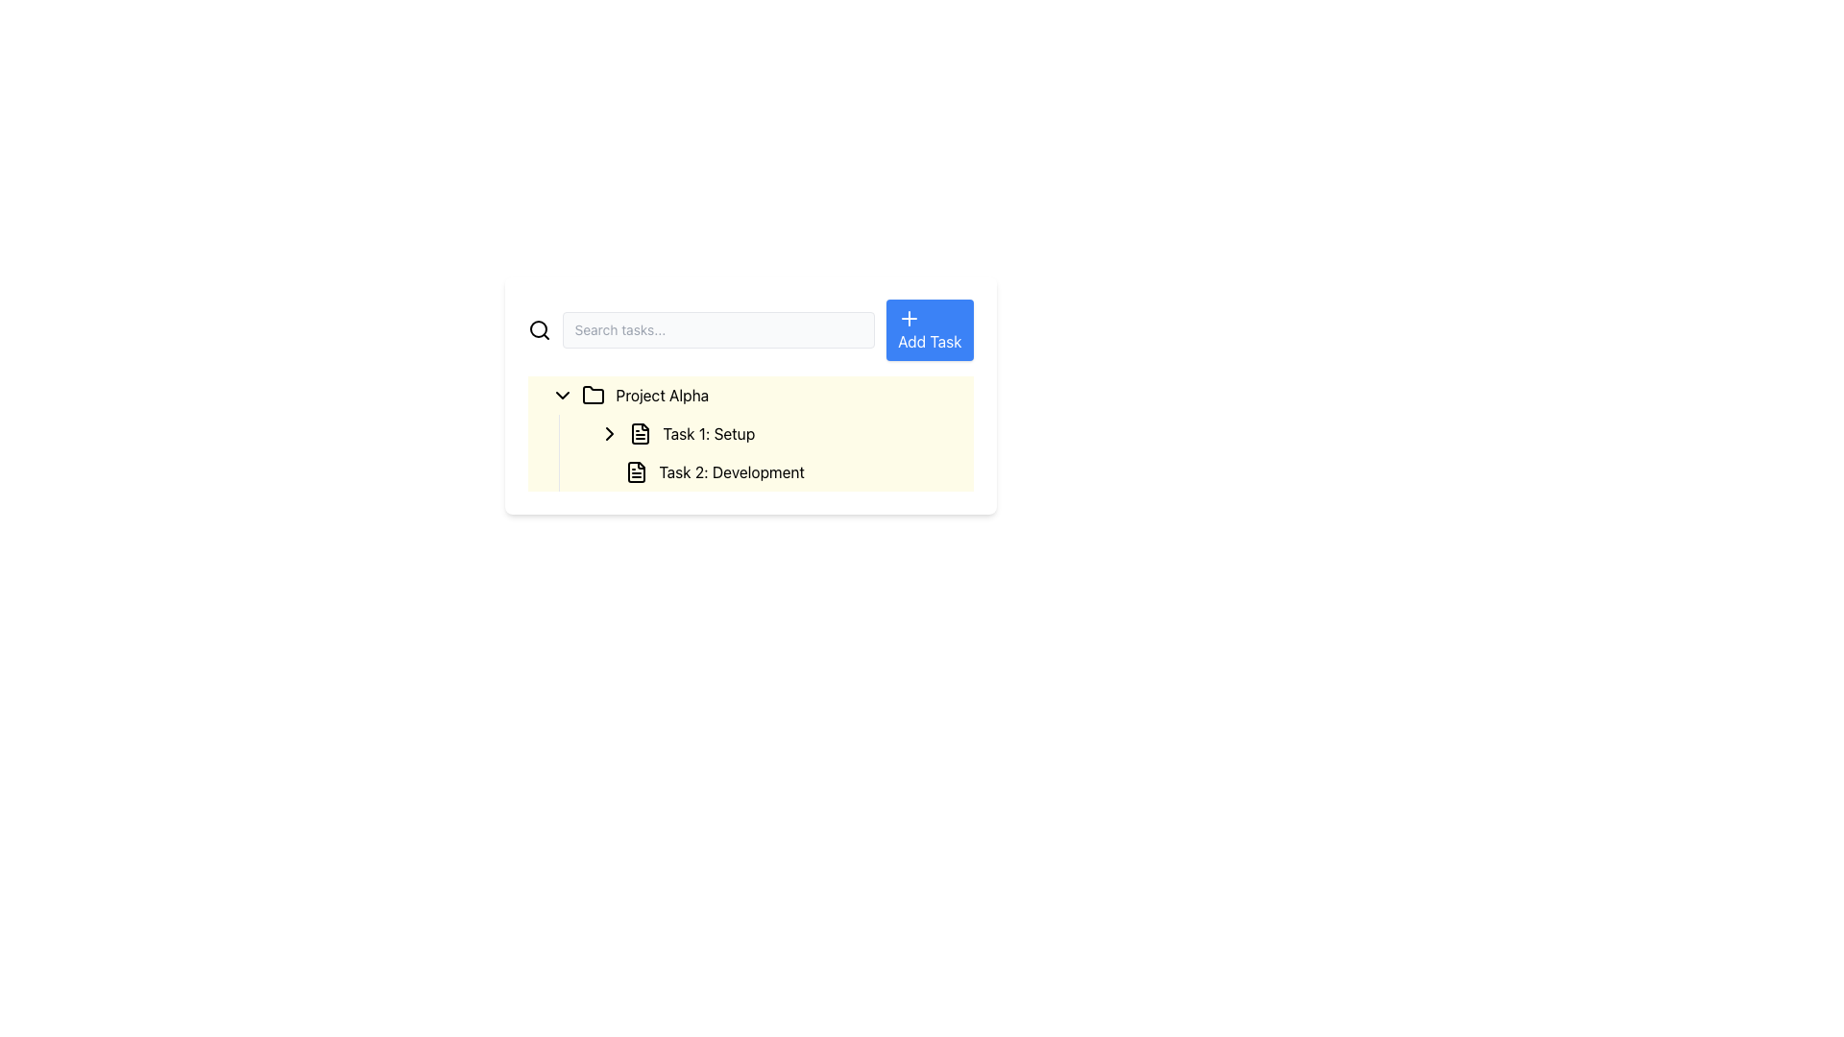 This screenshot has height=1037, width=1844. I want to click on the SVG Circle Element that represents the lens of the magnifying glass in the search icon, so click(538, 328).